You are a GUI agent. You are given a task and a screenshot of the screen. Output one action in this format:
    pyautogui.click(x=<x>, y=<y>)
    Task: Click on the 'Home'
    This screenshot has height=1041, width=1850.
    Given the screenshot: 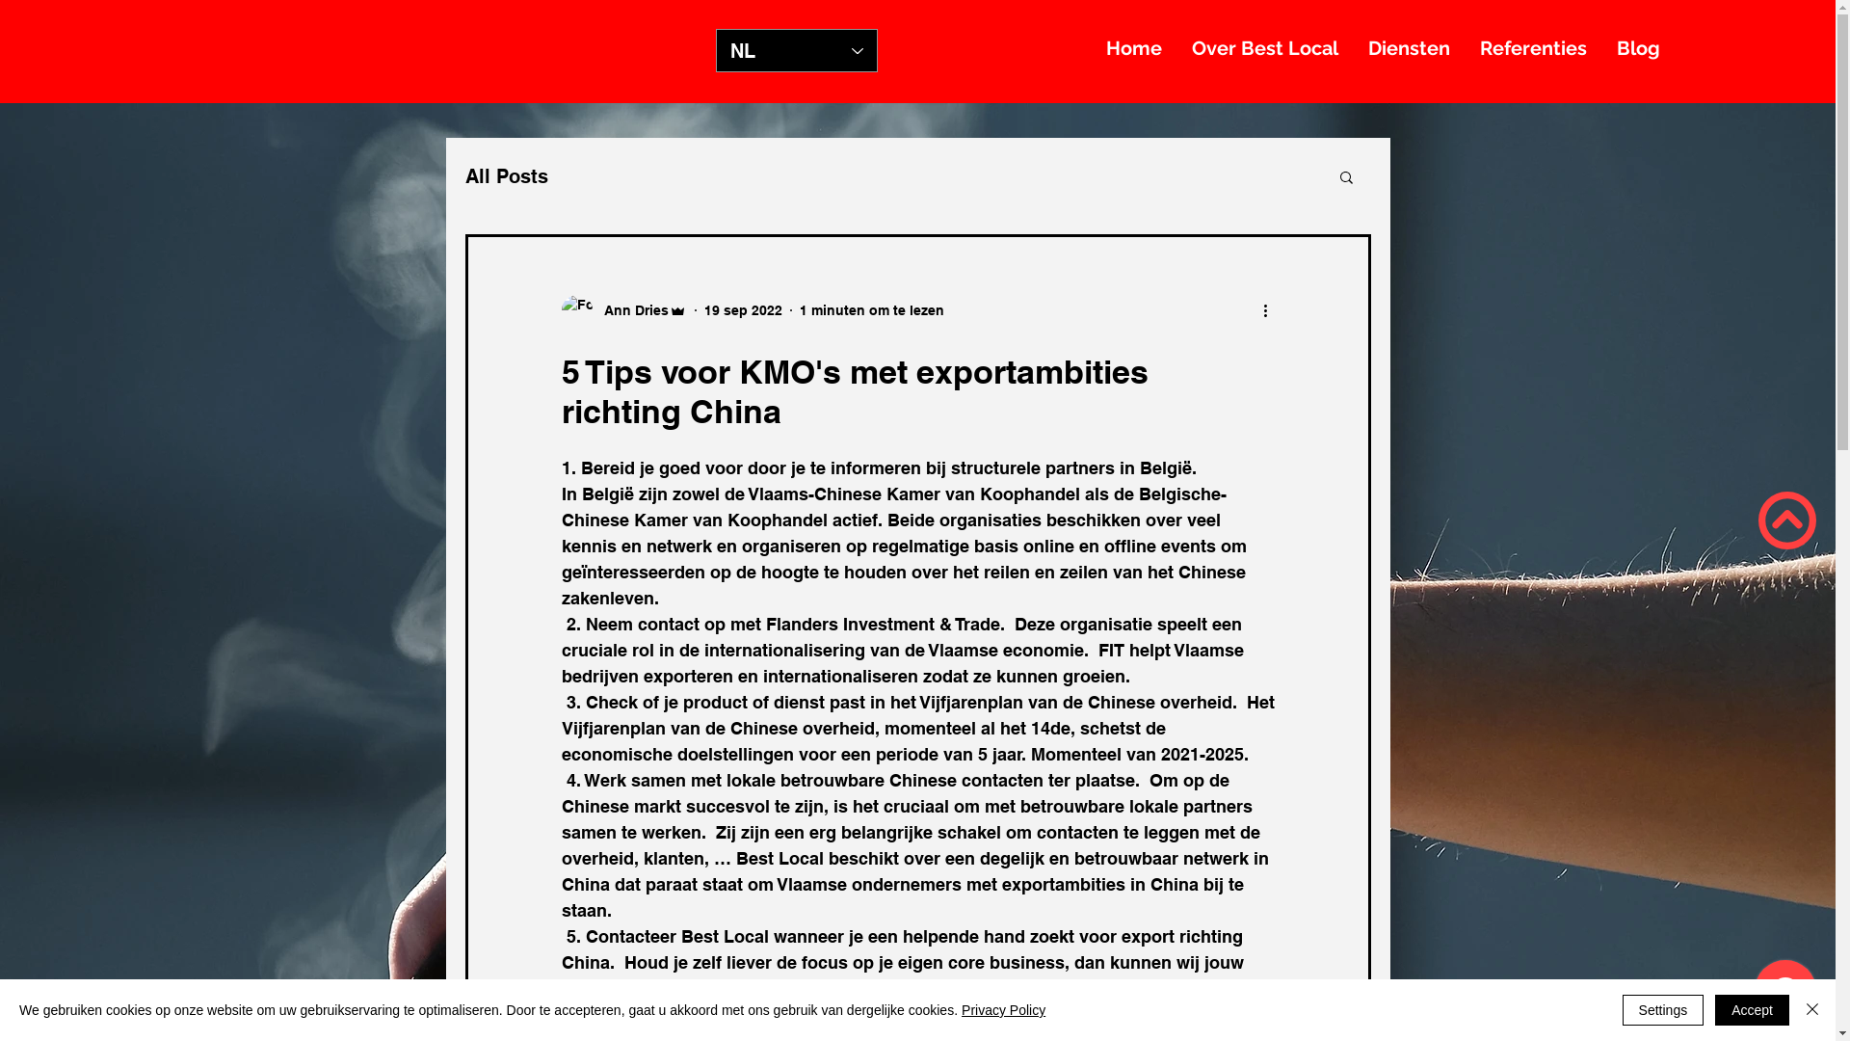 What is the action you would take?
    pyautogui.click(x=1133, y=47)
    